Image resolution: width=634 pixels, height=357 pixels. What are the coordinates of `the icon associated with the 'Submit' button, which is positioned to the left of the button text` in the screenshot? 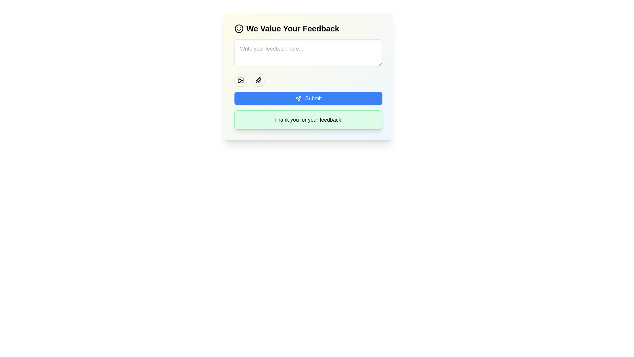 It's located at (298, 99).